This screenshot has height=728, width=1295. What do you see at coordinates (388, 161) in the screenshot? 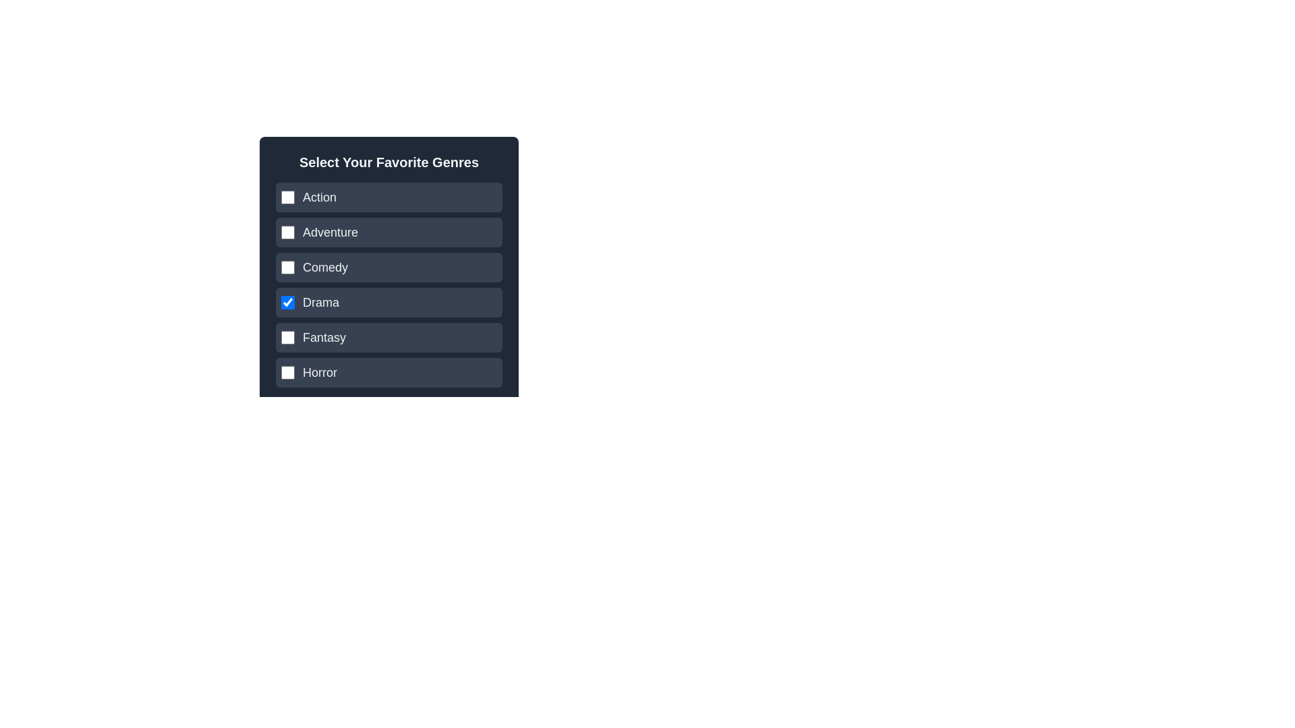
I see `the prominent text label that reads 'Select Your Favorite Genres'` at bounding box center [388, 161].